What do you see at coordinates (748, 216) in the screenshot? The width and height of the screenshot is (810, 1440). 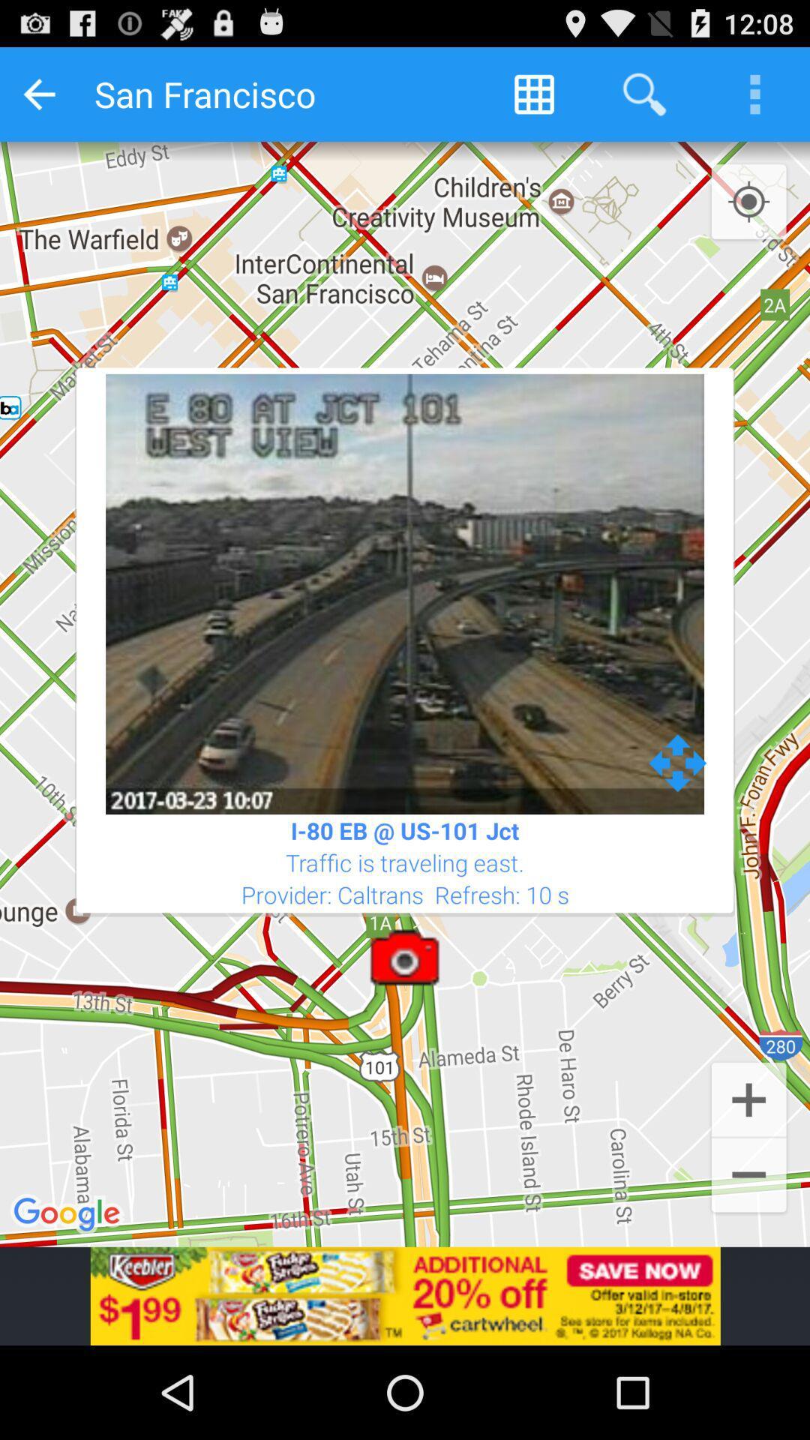 I see `the location_crosshair icon` at bounding box center [748, 216].